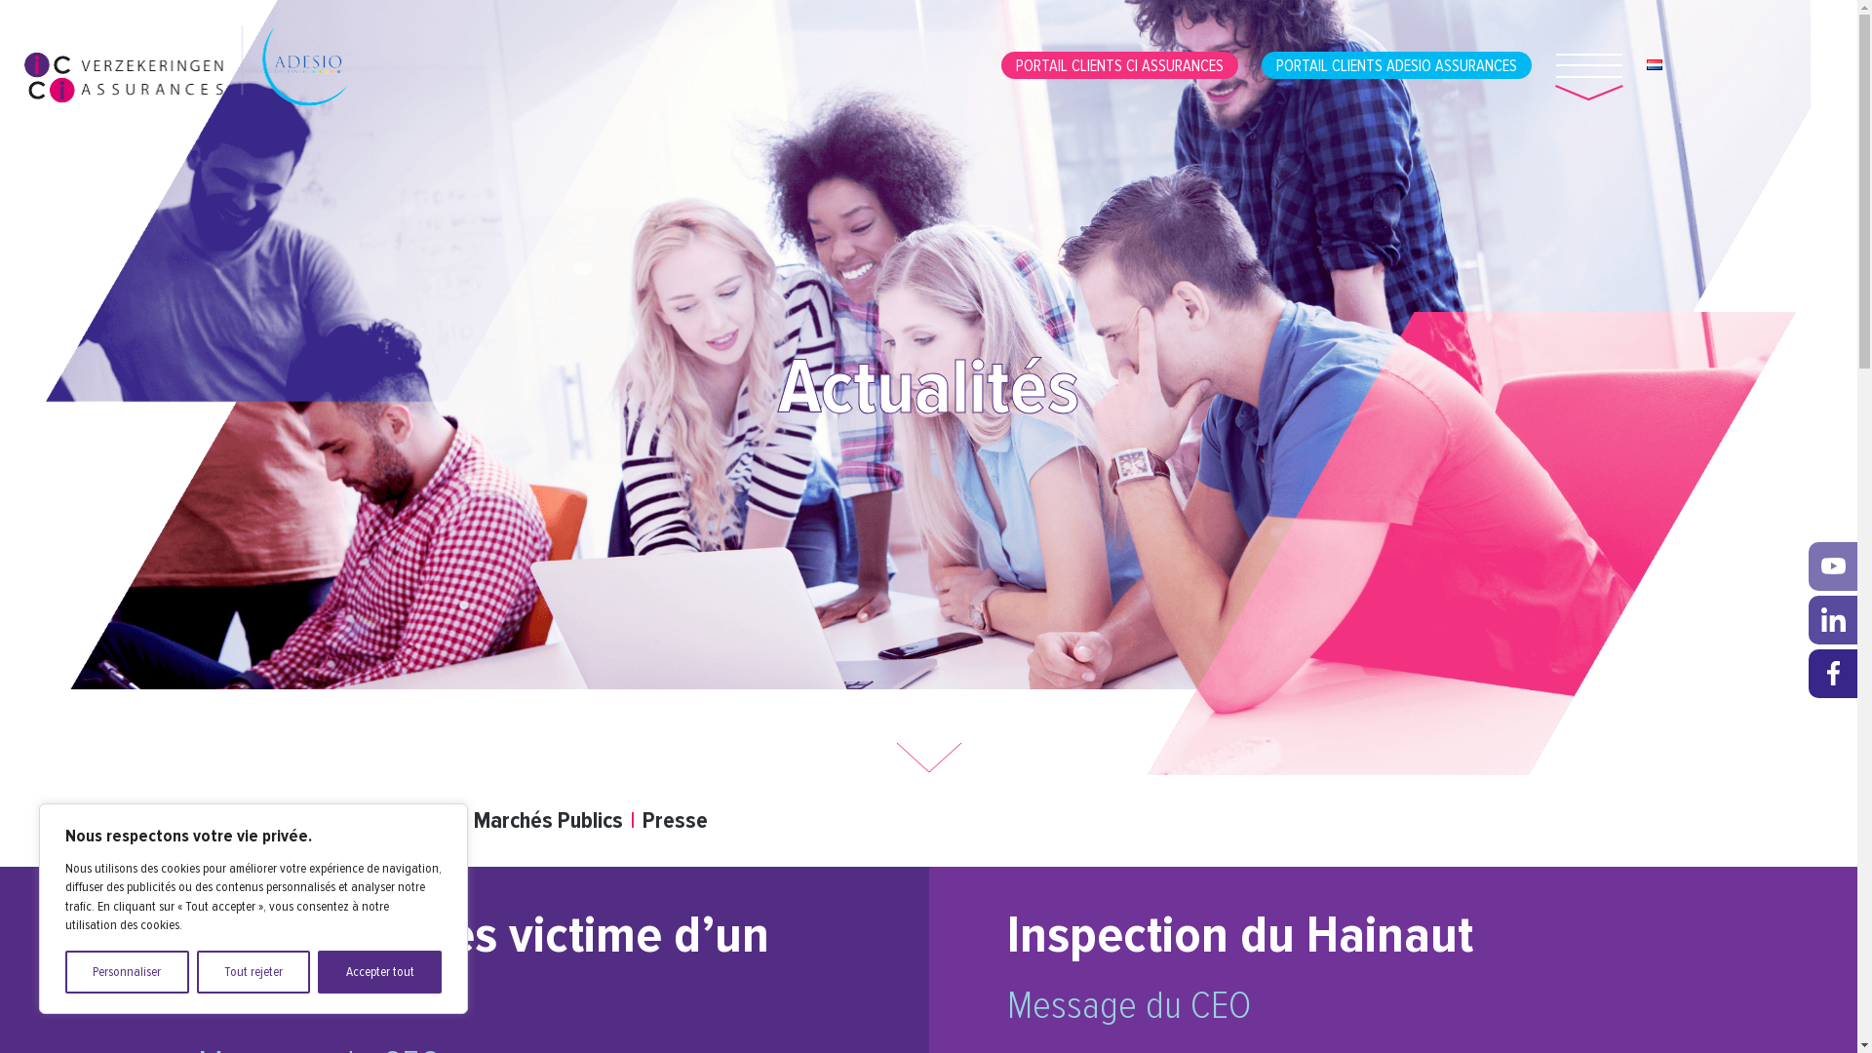 This screenshot has height=1053, width=1872. I want to click on 'Presse', so click(674, 820).